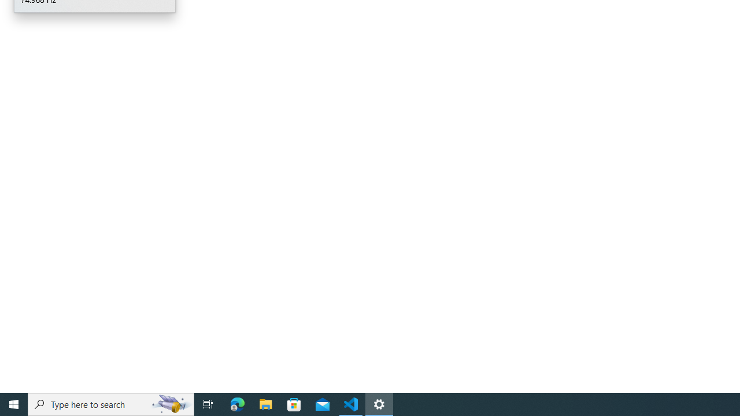 This screenshot has width=740, height=416. Describe the element at coordinates (14, 403) in the screenshot. I see `'Start'` at that location.